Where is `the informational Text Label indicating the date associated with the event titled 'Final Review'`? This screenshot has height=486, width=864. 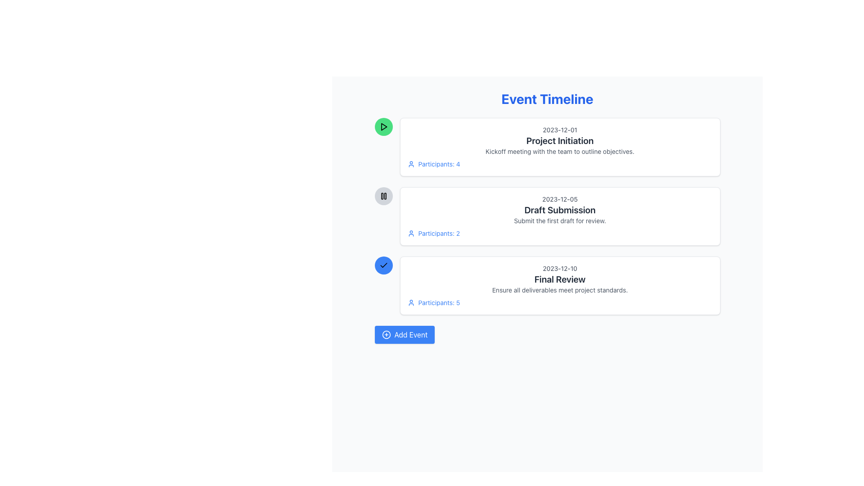
the informational Text Label indicating the date associated with the event titled 'Final Review' is located at coordinates (559, 268).